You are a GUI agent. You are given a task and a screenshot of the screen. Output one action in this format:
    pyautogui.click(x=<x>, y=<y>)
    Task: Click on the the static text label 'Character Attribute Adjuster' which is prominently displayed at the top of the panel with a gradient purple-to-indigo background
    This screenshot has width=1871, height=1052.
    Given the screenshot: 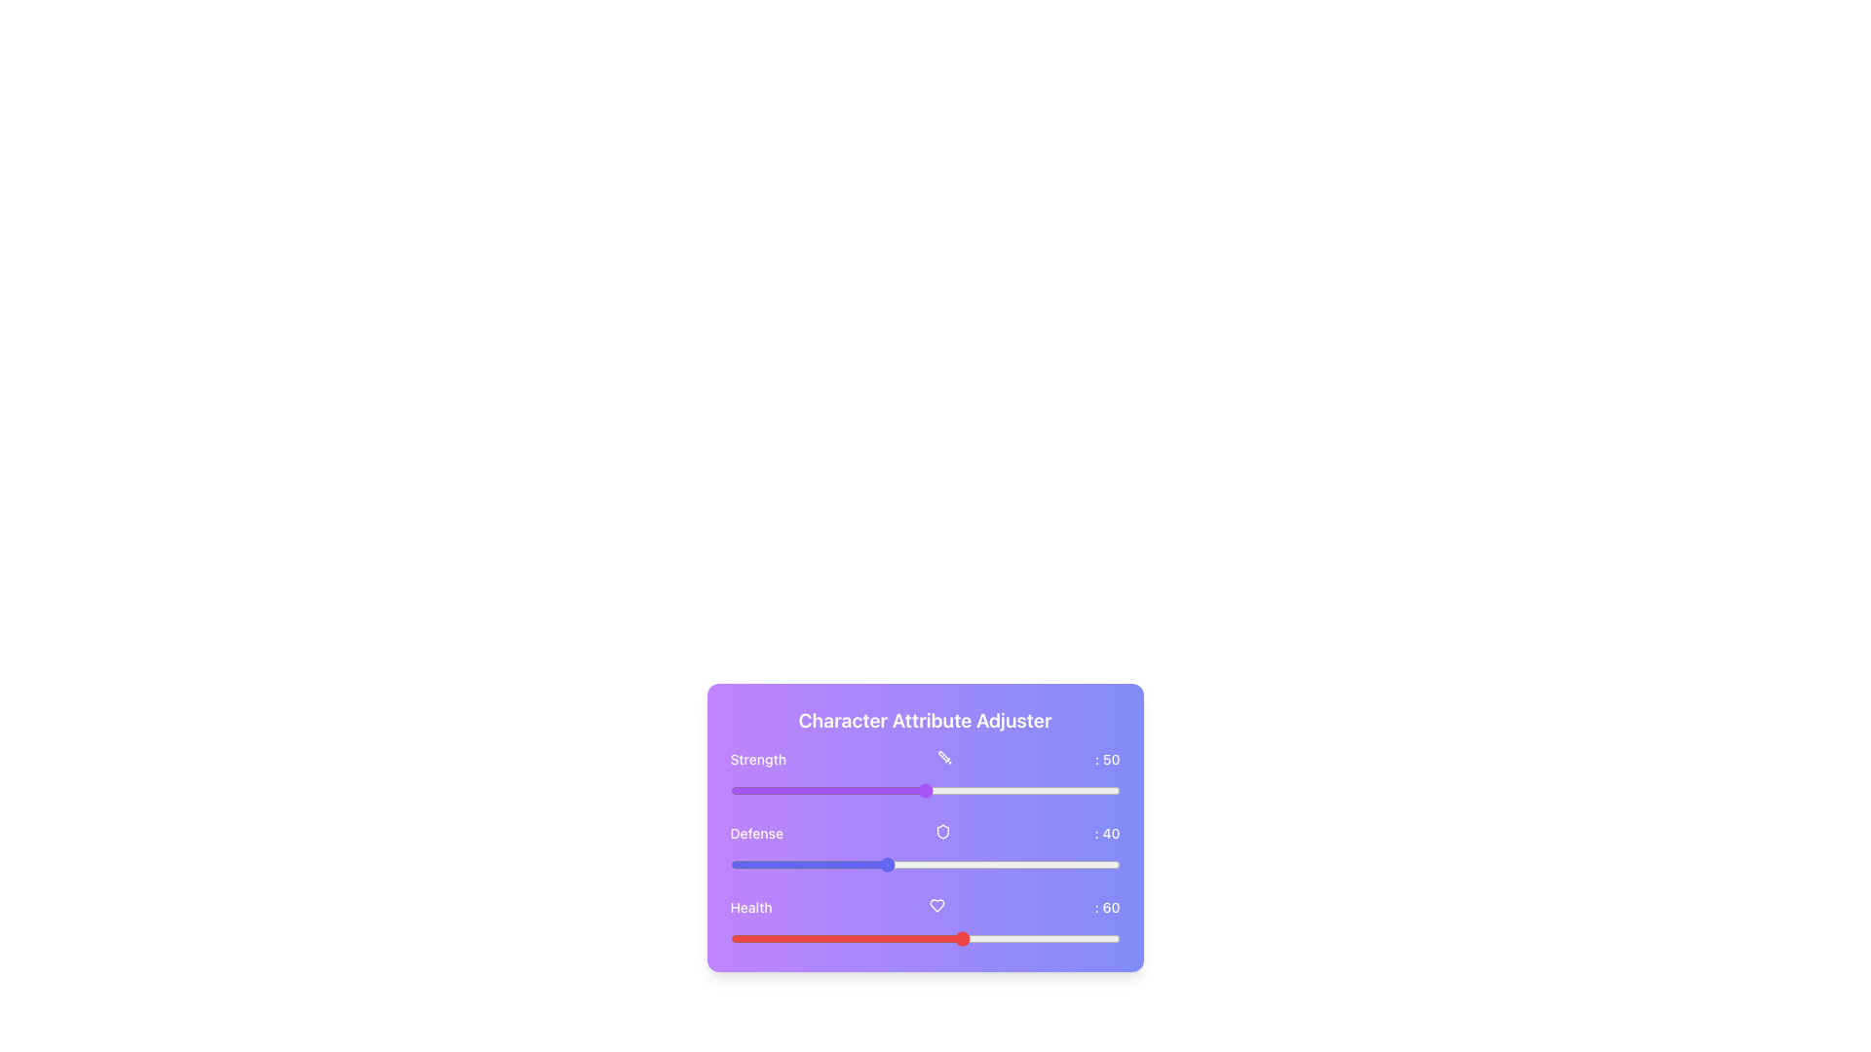 What is the action you would take?
    pyautogui.click(x=924, y=721)
    